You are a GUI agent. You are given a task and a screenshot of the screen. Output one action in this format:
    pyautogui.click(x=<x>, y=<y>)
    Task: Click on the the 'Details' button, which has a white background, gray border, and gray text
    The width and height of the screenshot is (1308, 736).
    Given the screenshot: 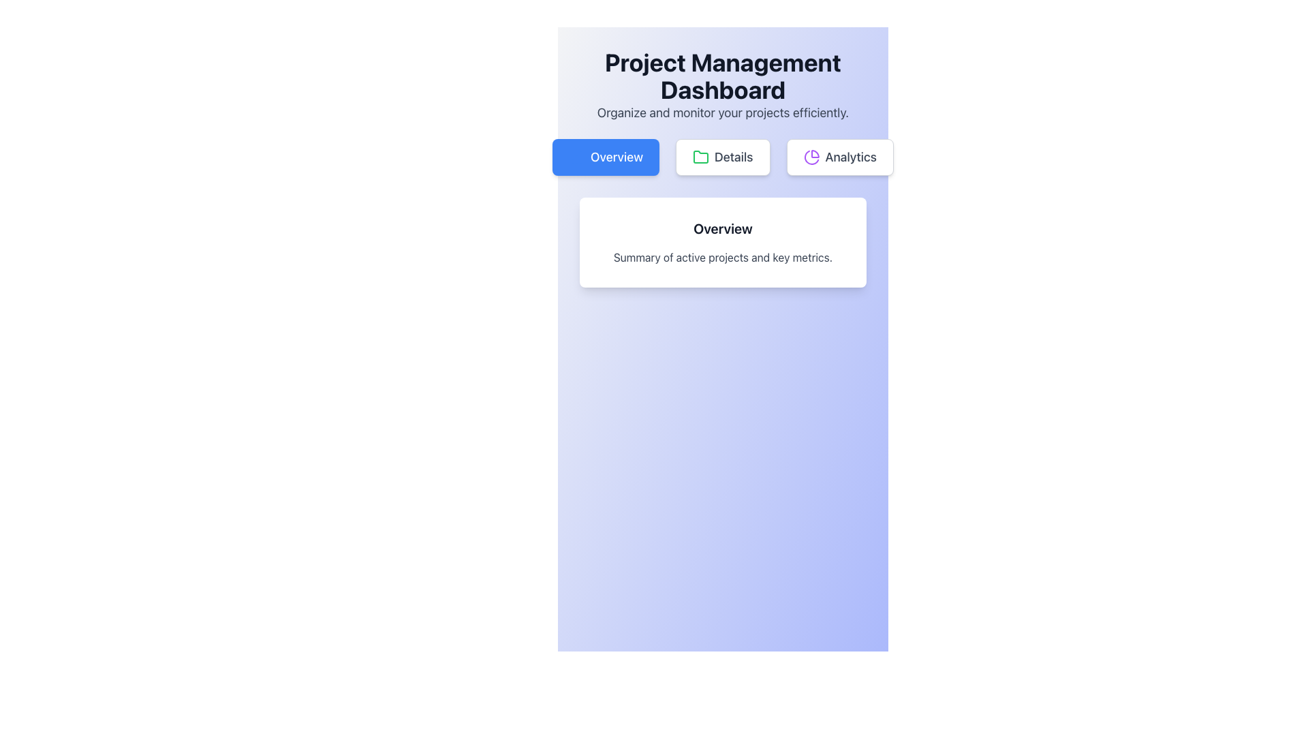 What is the action you would take?
    pyautogui.click(x=722, y=157)
    